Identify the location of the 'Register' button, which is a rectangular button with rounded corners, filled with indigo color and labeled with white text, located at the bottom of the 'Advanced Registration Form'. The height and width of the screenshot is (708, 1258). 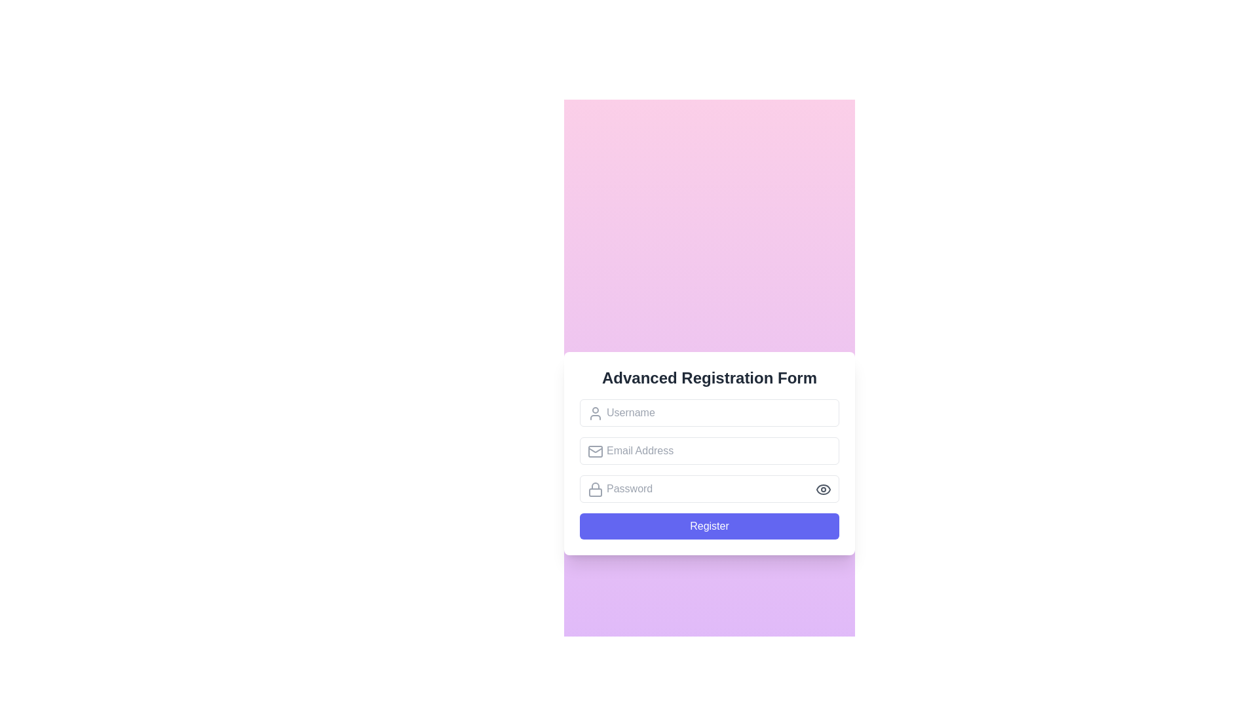
(709, 525).